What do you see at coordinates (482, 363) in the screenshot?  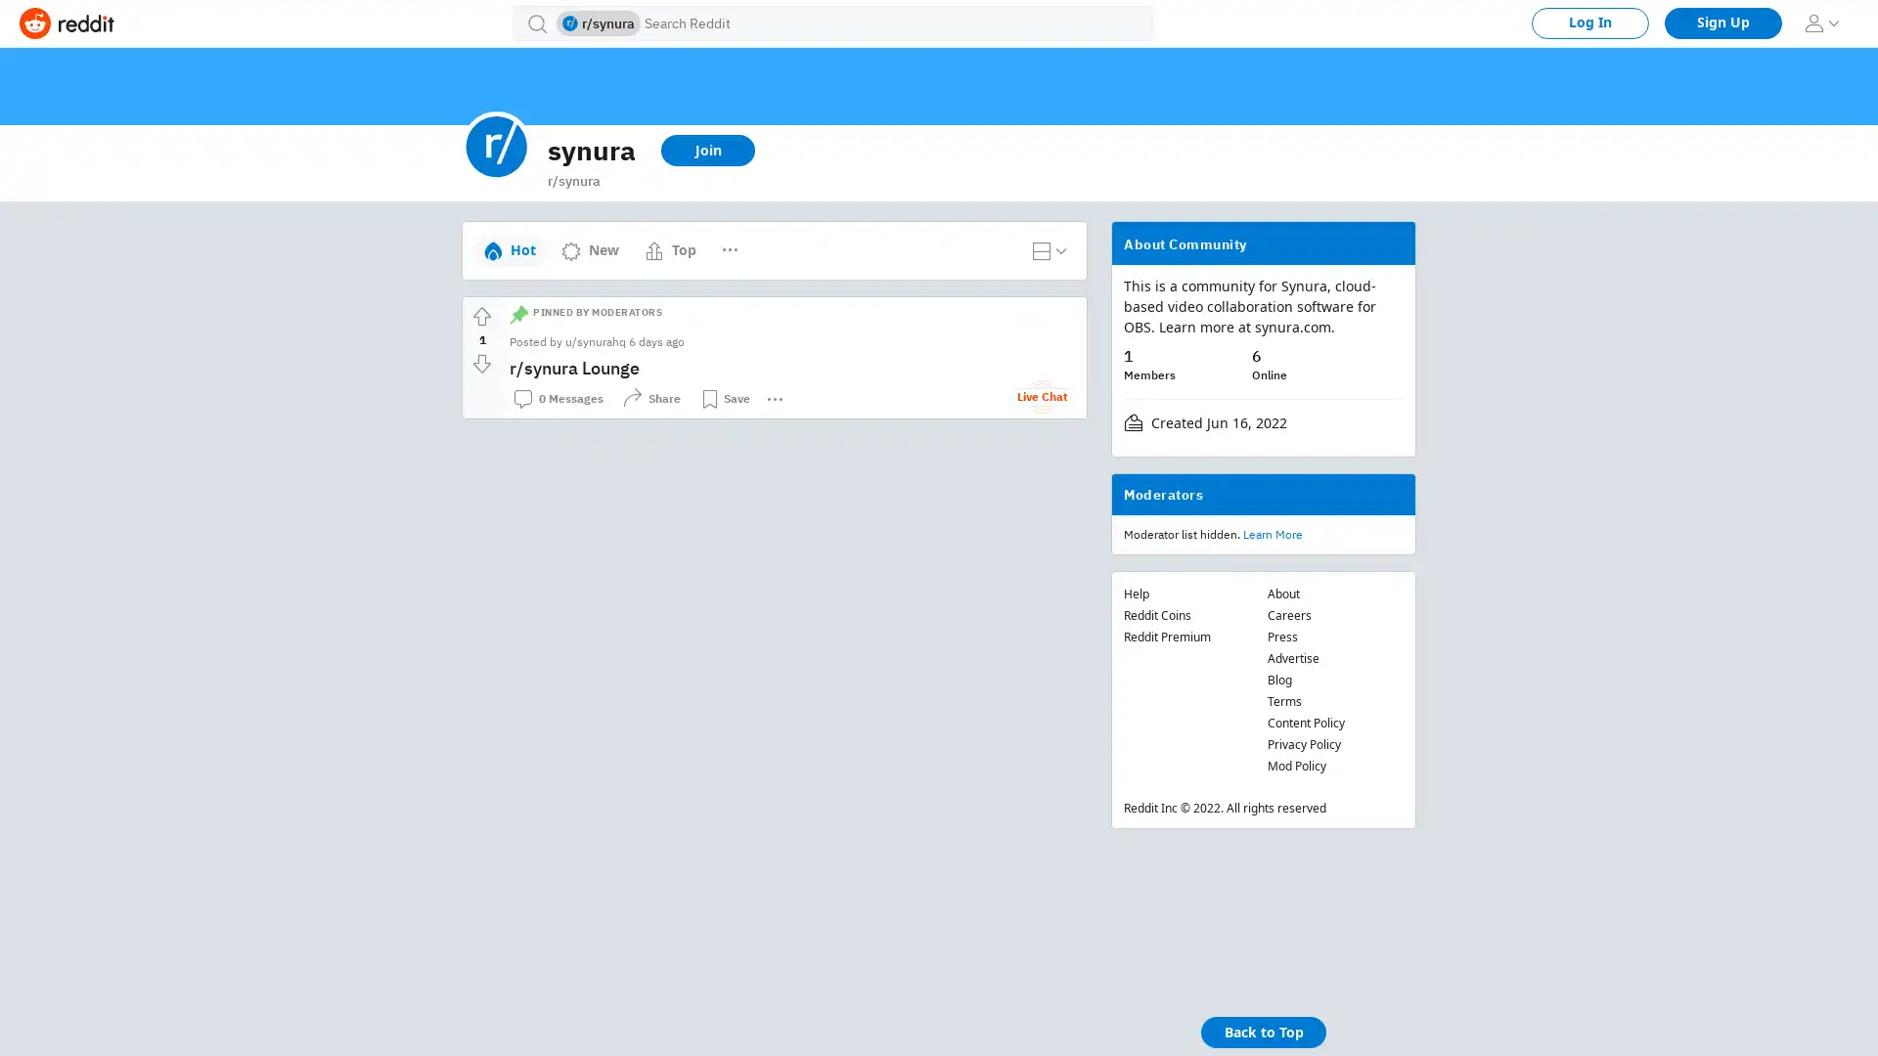 I see `downvote` at bounding box center [482, 363].